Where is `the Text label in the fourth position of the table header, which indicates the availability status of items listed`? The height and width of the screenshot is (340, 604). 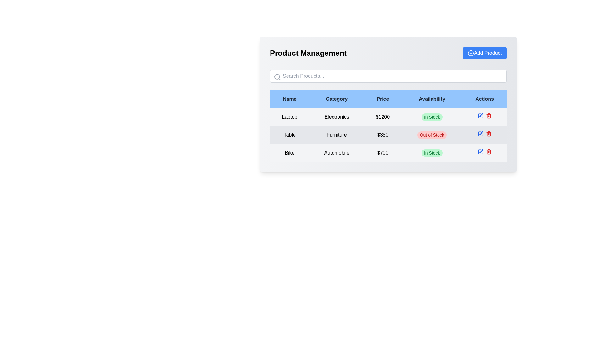
the Text label in the fourth position of the table header, which indicates the availability status of items listed is located at coordinates (432, 99).